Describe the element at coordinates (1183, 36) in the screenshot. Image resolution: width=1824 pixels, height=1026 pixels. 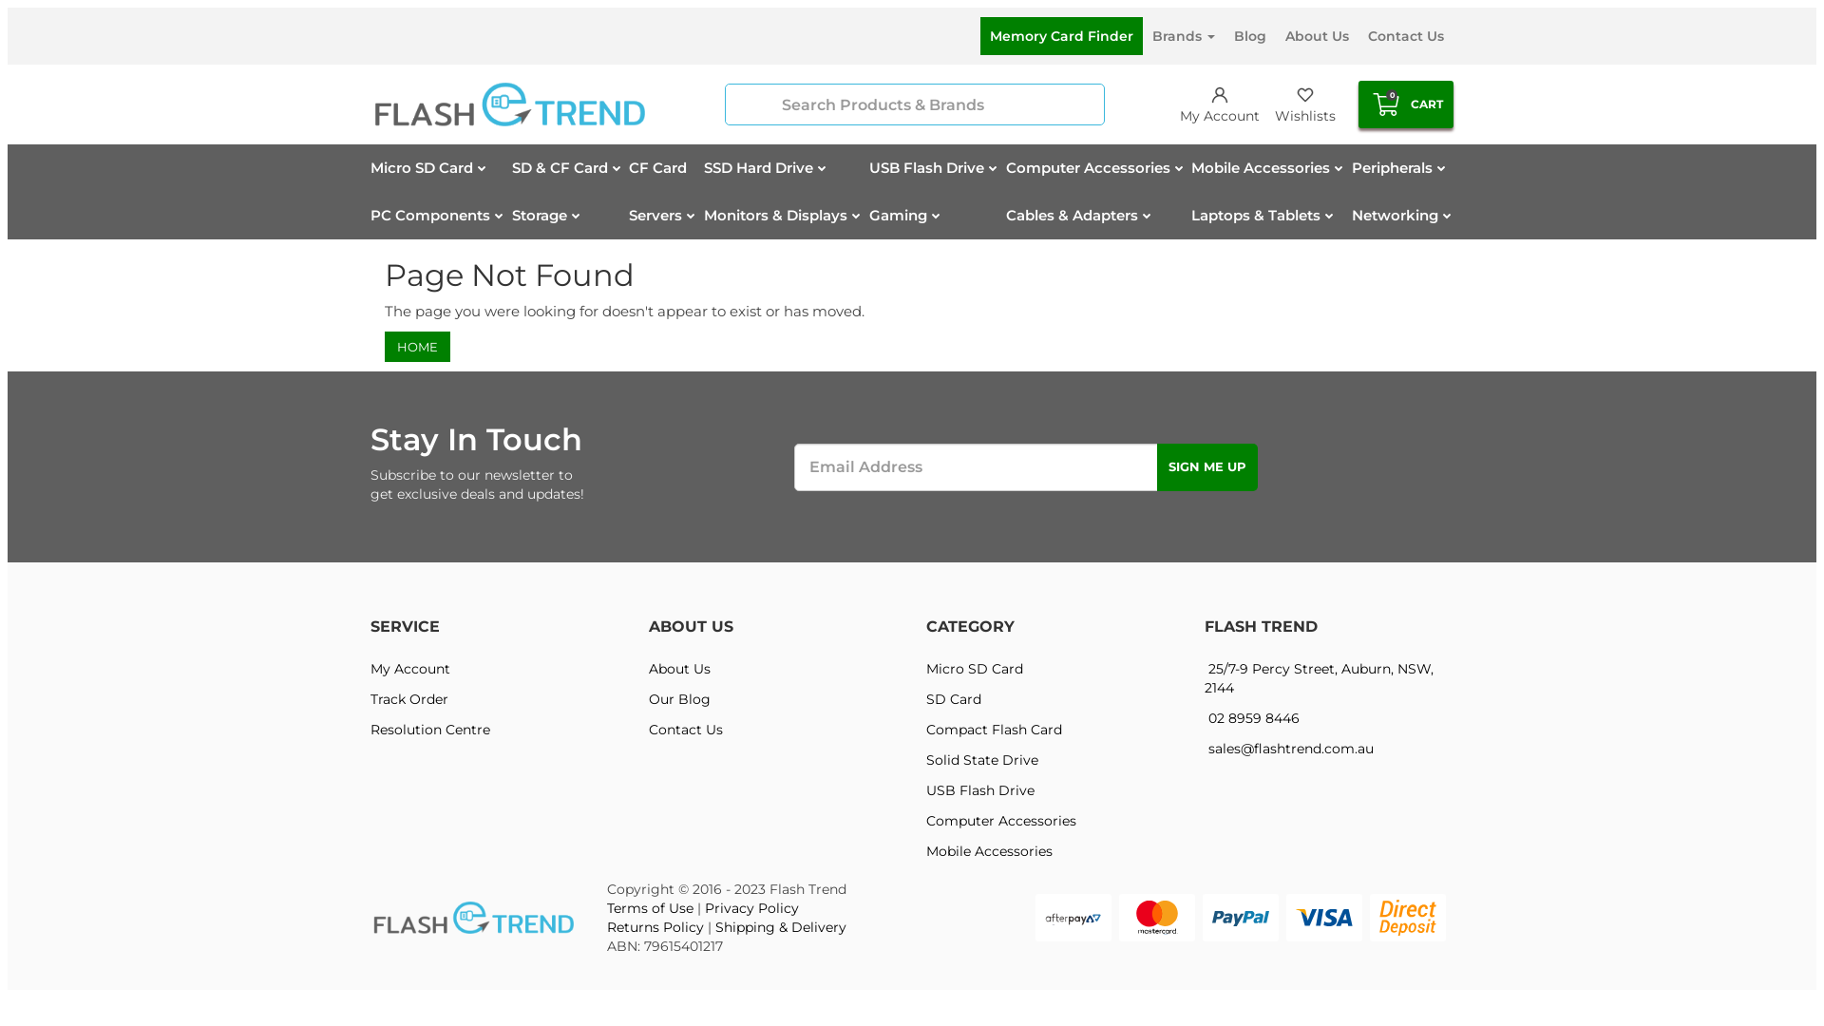
I see `'Brands'` at that location.